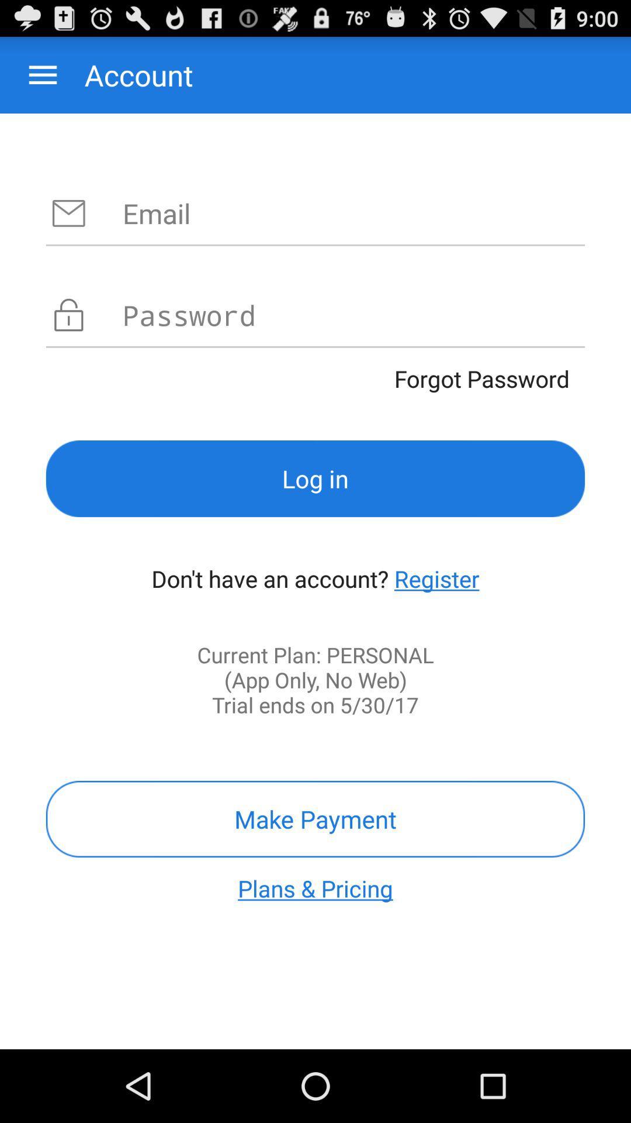 The height and width of the screenshot is (1123, 631). Describe the element at coordinates (436, 578) in the screenshot. I see `icon on the right` at that location.